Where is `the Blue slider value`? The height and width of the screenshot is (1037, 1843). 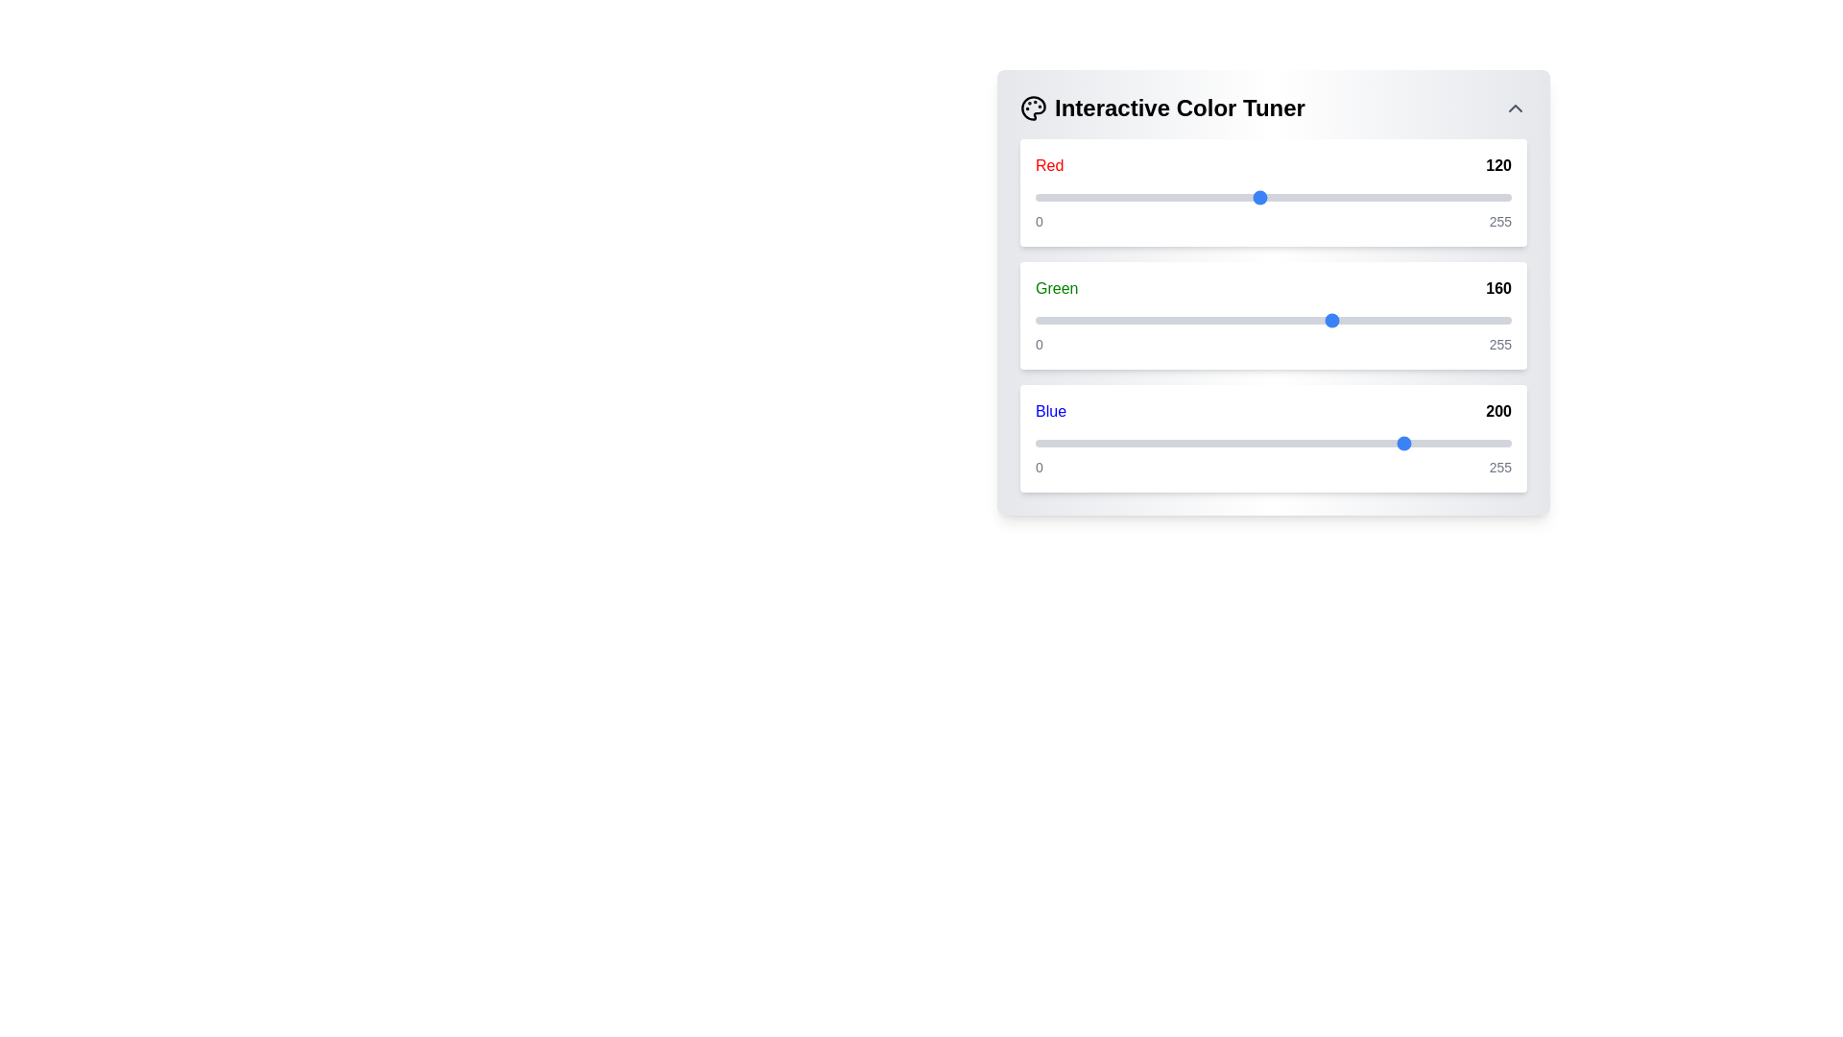
the Blue slider value is located at coordinates (1176, 444).